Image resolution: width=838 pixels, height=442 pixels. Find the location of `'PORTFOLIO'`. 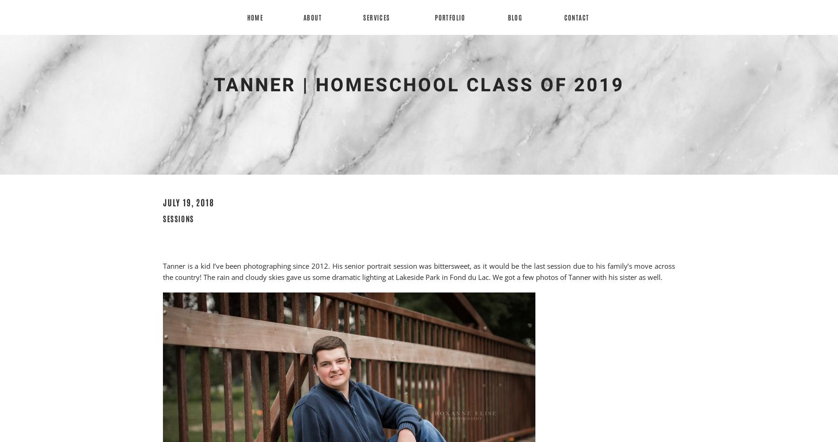

'PORTFOLIO' is located at coordinates (449, 17).